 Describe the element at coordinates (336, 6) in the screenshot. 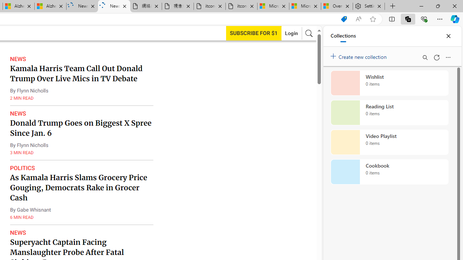

I see `'Overview'` at that location.